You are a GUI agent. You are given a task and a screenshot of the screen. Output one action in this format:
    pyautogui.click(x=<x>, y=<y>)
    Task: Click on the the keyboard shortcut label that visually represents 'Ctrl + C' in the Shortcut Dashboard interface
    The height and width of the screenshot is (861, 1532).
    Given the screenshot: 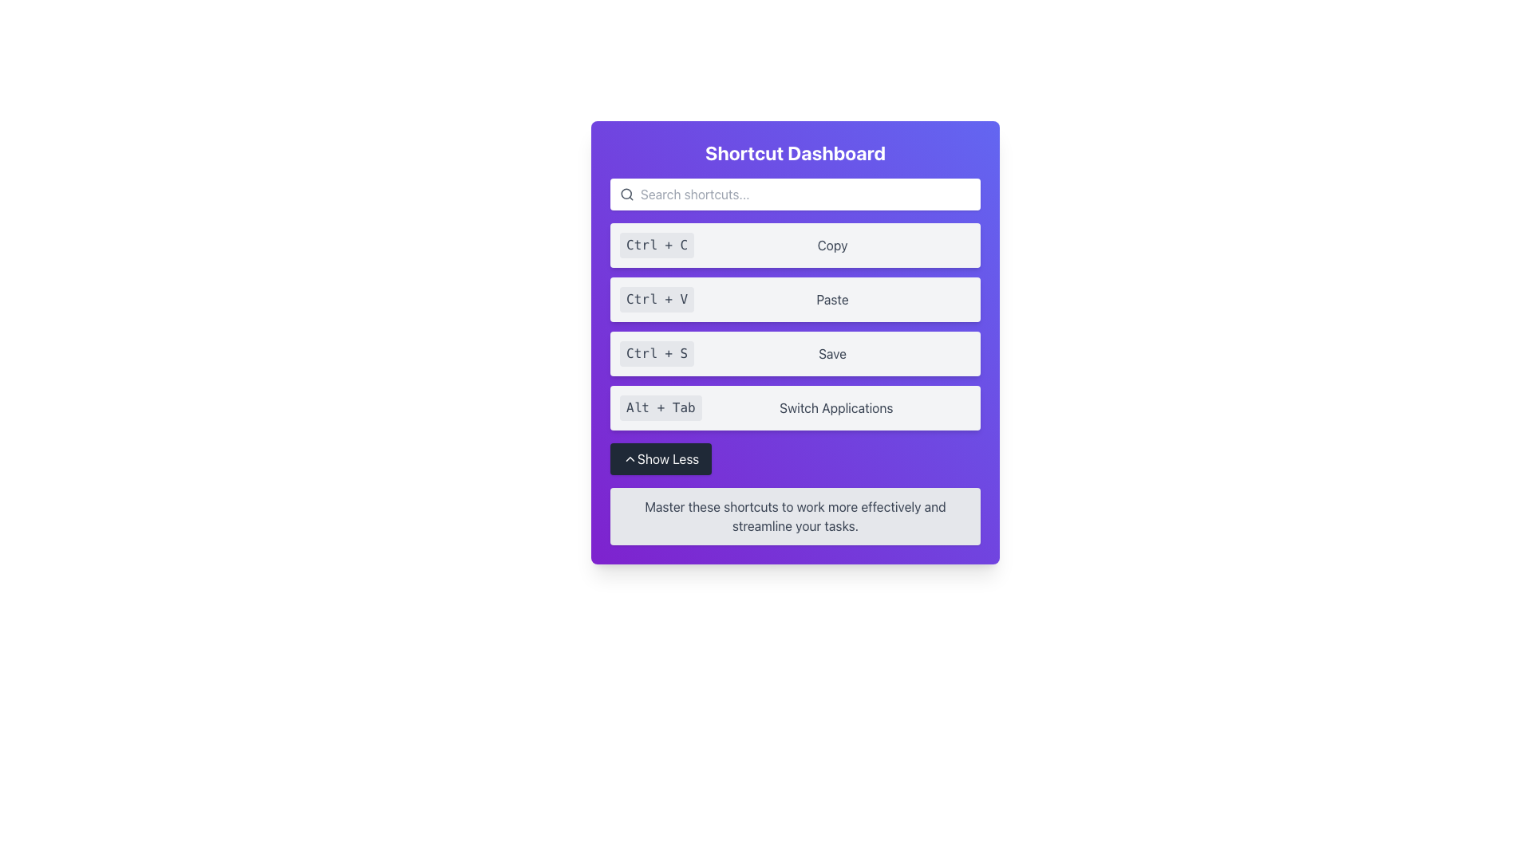 What is the action you would take?
    pyautogui.click(x=657, y=246)
    